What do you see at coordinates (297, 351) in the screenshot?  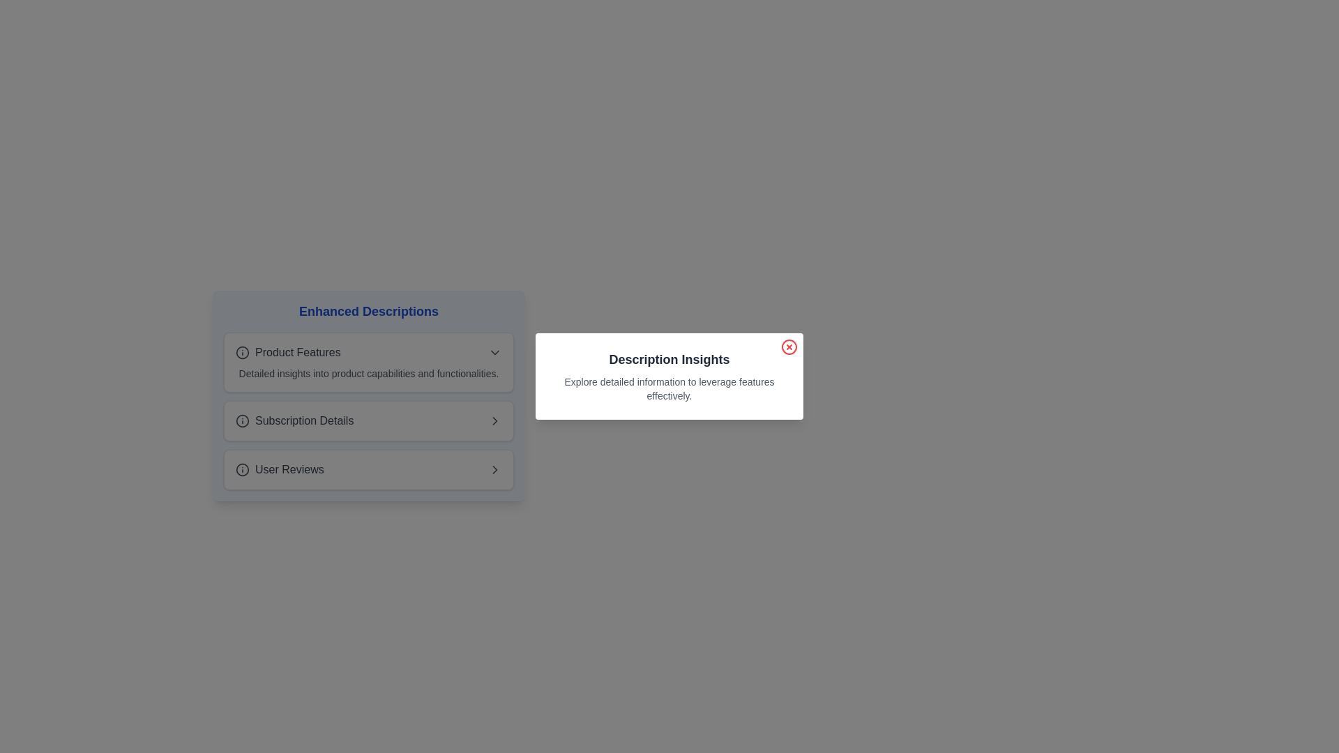 I see `the 'Product Features' text label, which is styled in medium-sized dark gray font and serves as a section header within the 'Enhanced Descriptions' section` at bounding box center [297, 351].